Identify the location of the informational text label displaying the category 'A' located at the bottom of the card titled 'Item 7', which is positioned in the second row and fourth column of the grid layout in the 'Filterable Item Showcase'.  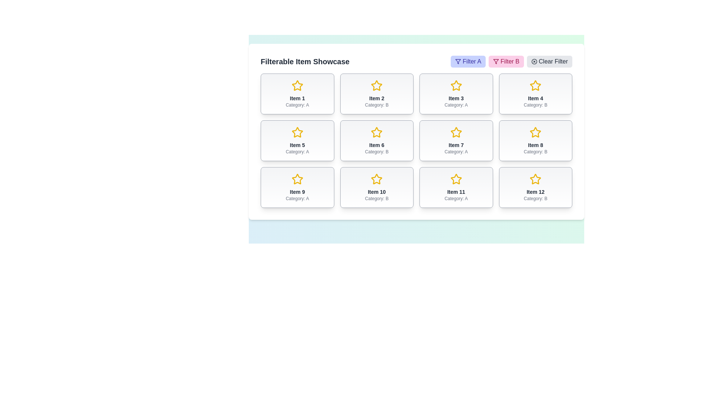
(456, 151).